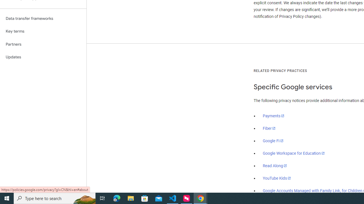  What do you see at coordinates (43, 44) in the screenshot?
I see `'Partners'` at bounding box center [43, 44].